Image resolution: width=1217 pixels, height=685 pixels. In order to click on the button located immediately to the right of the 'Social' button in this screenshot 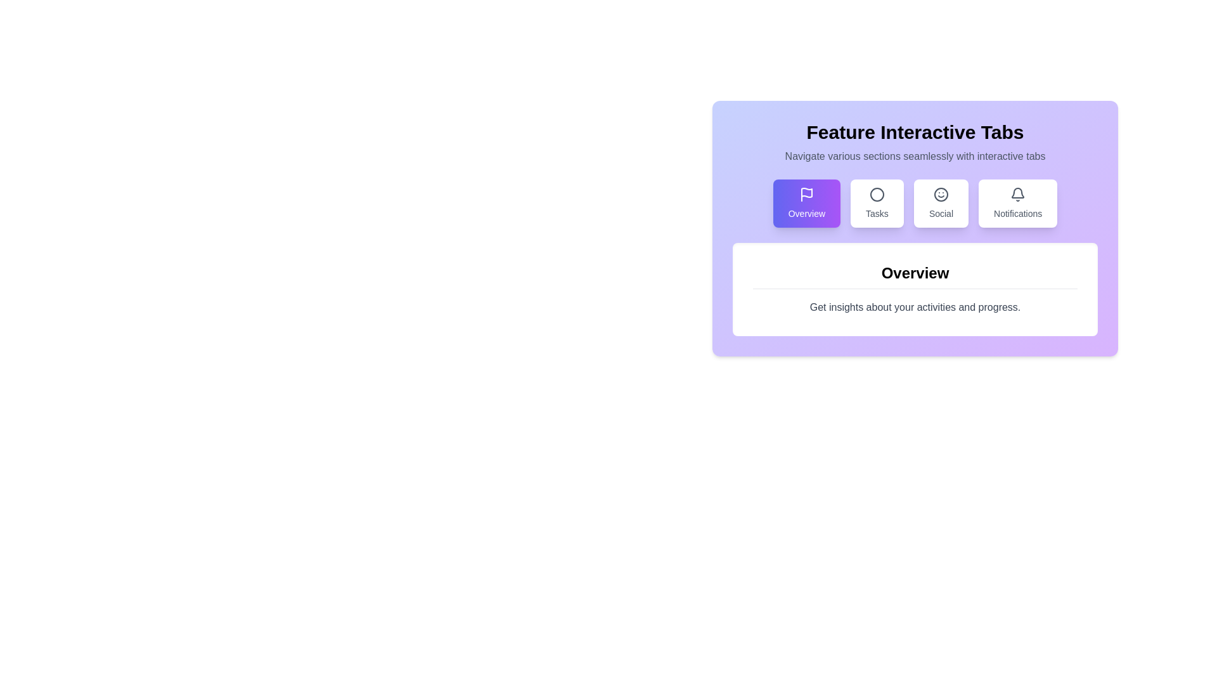, I will do `click(1018, 202)`.